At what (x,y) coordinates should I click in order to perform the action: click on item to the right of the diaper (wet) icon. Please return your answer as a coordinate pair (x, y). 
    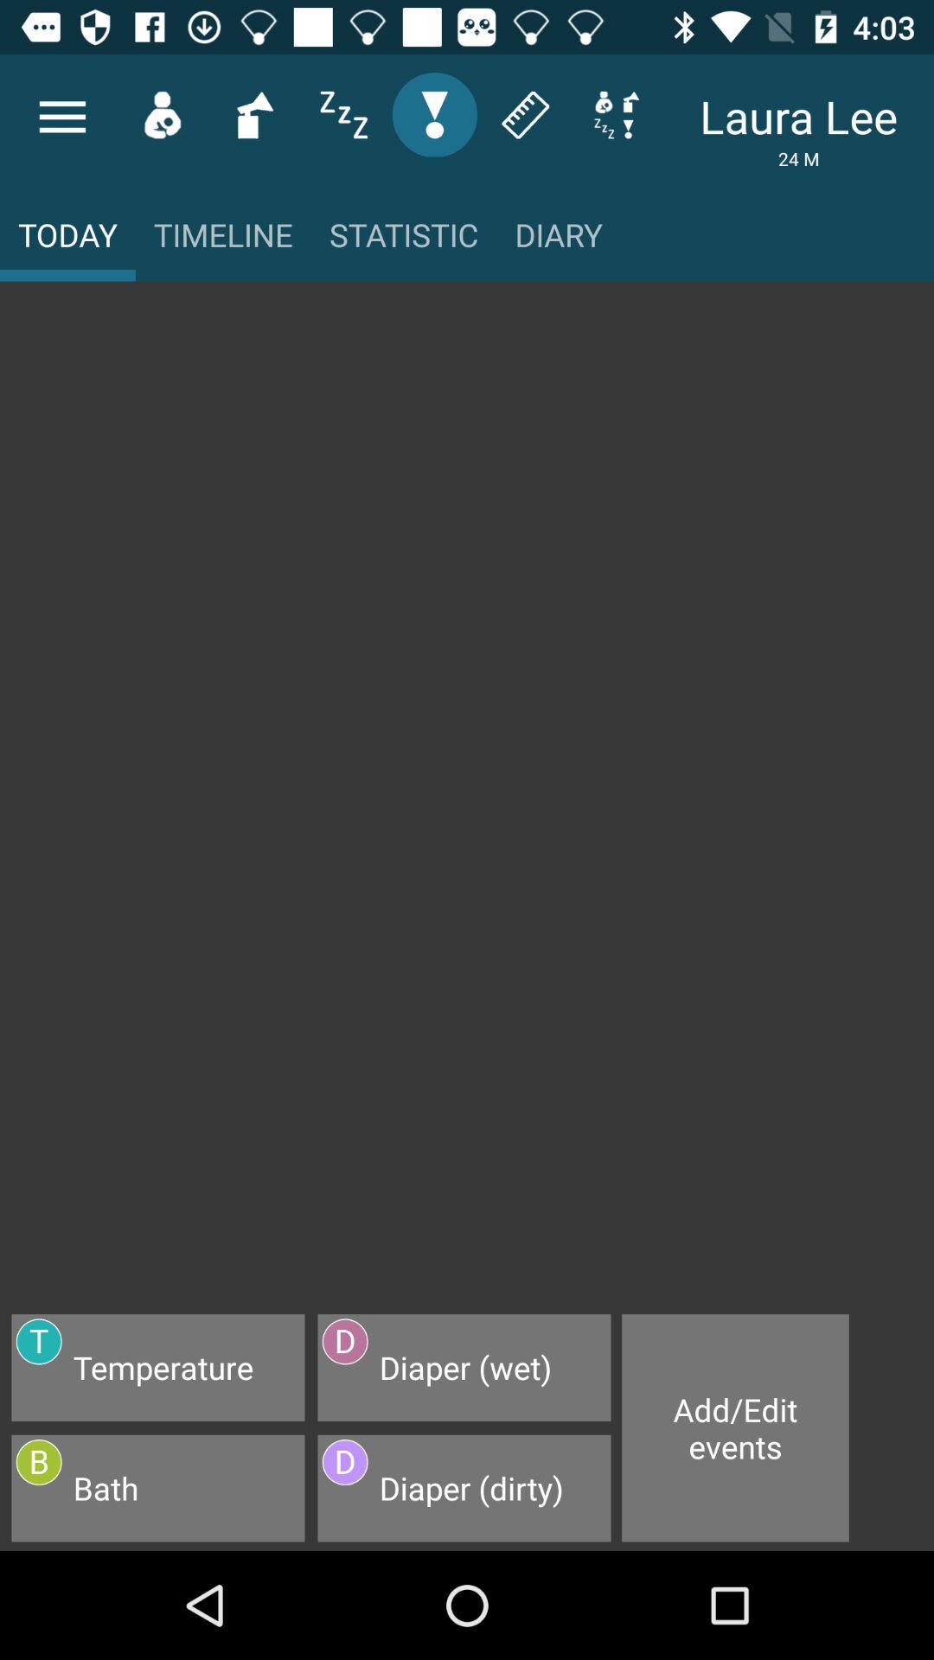
    Looking at the image, I should click on (735, 1427).